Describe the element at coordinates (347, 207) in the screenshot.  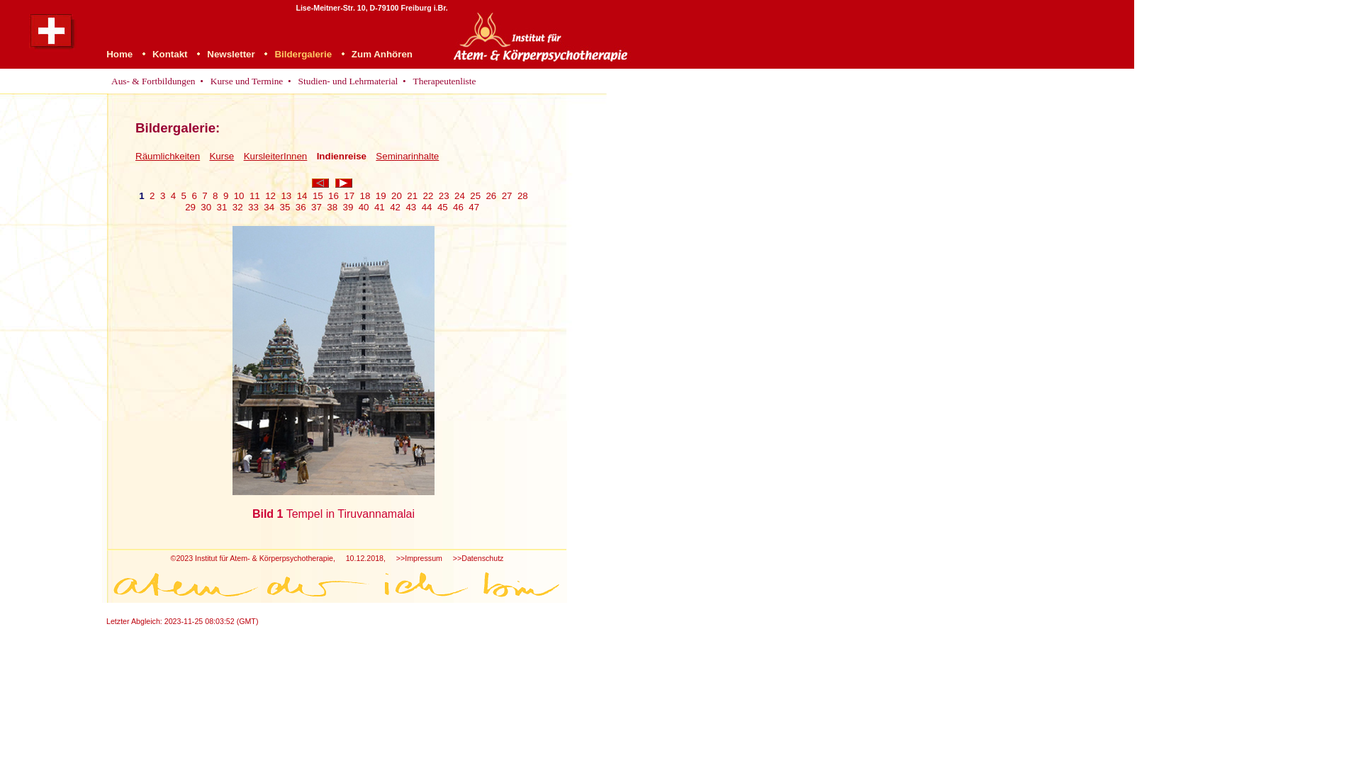
I see `'39'` at that location.